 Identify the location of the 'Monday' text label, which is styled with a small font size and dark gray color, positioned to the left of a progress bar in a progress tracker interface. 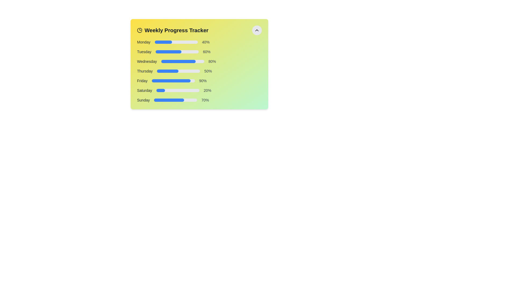
(144, 42).